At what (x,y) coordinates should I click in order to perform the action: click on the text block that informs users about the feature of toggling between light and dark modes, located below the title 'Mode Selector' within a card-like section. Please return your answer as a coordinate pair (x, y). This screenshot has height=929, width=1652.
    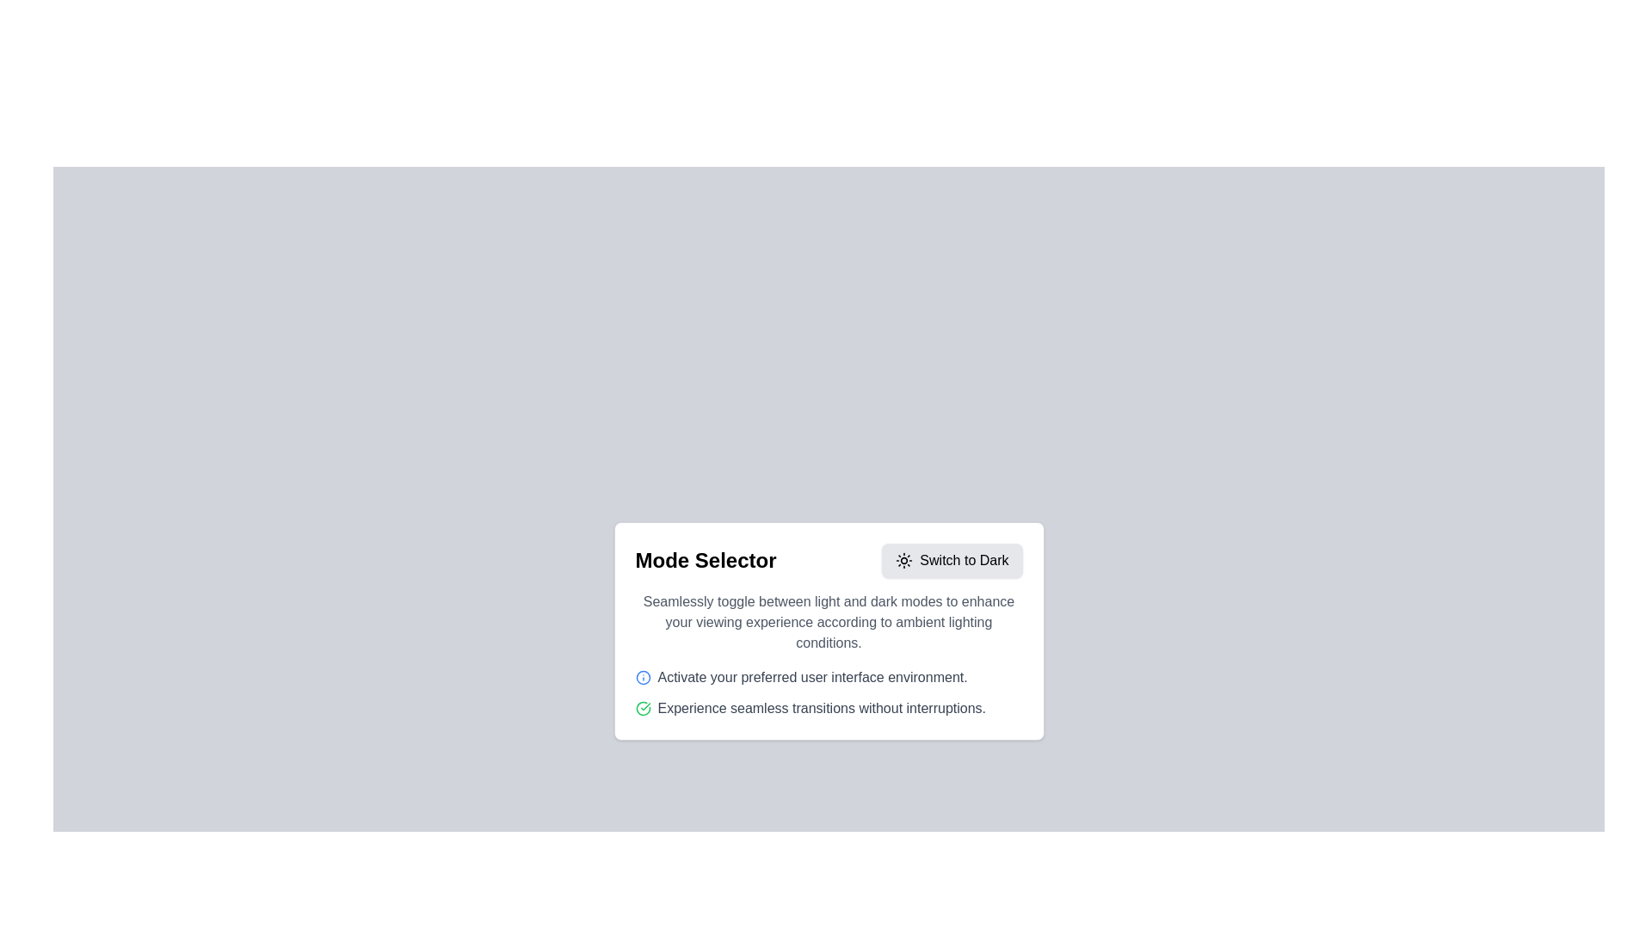
    Looking at the image, I should click on (829, 623).